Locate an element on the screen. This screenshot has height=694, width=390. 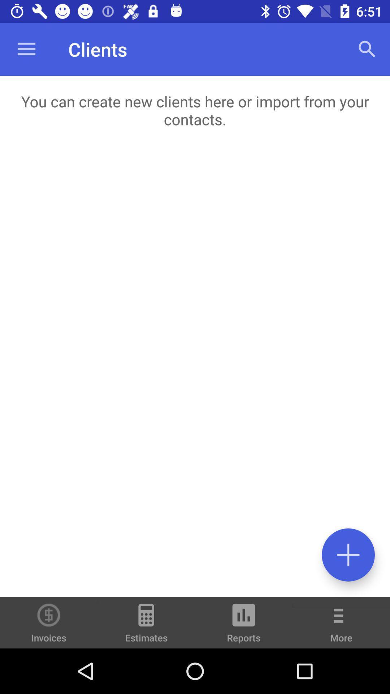
estimates icon is located at coordinates (146, 626).